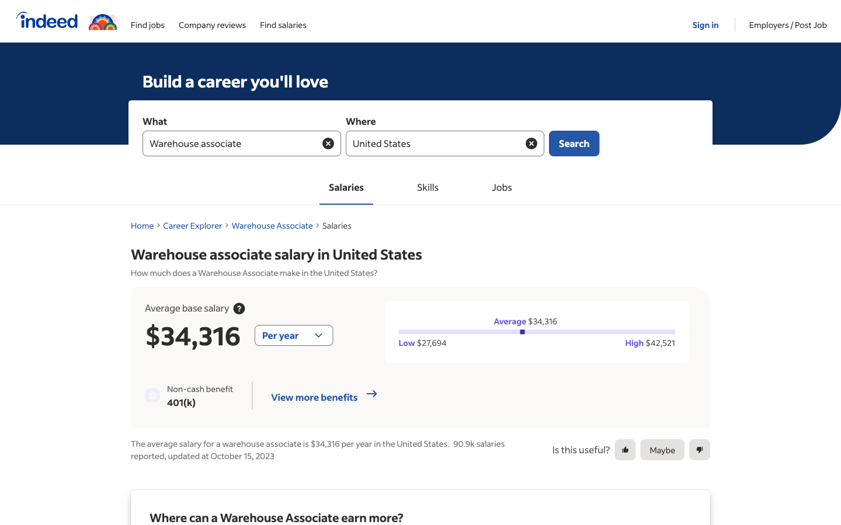  Describe the element at coordinates (238, 308) in the screenshot. I see `prevailing wage data` at that location.